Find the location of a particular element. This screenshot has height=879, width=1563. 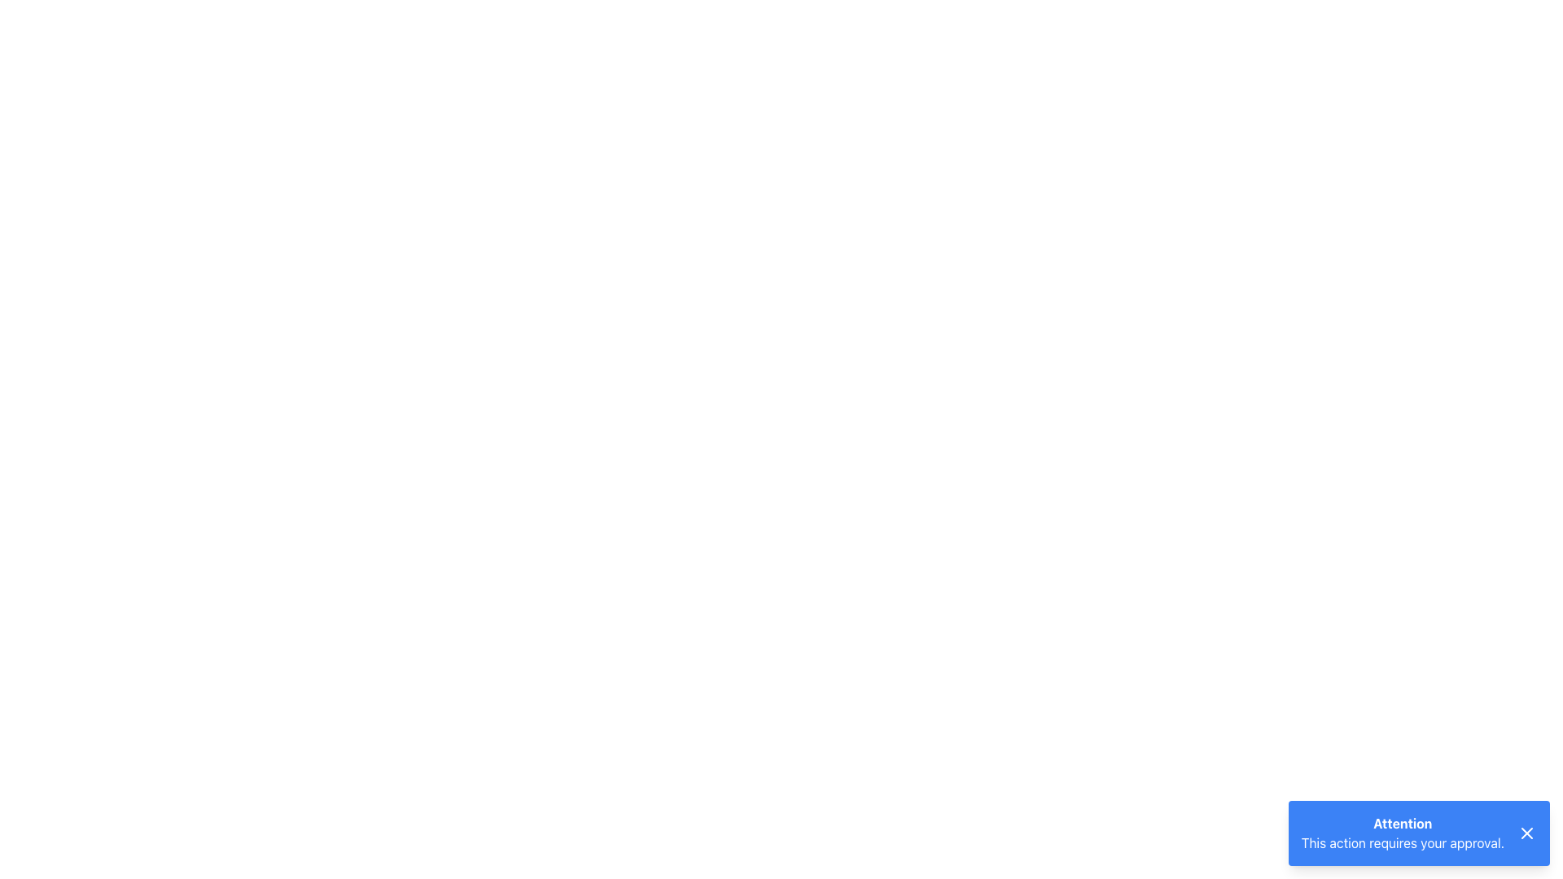

text displayed in the blue notification box that contains the message 'Attention' and 'This action requires your approval.' is located at coordinates (1408, 833).